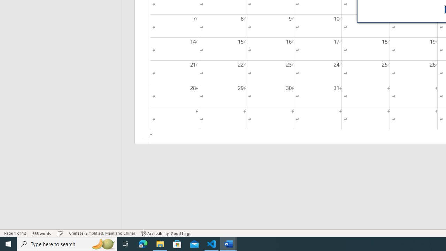 The image size is (446, 251). What do you see at coordinates (177, 243) in the screenshot?
I see `'Microsoft Store'` at bounding box center [177, 243].